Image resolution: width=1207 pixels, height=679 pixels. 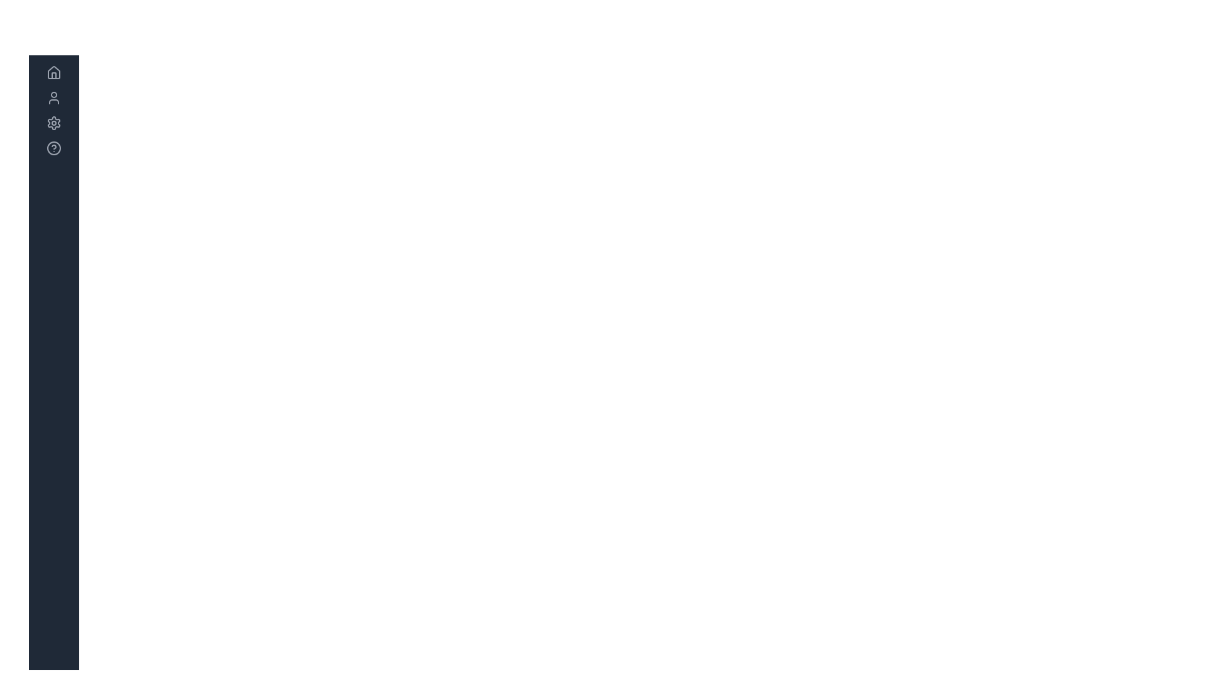 What do you see at coordinates (53, 97) in the screenshot?
I see `the interactive icon located in the sidebar, which is the second icon from the top` at bounding box center [53, 97].